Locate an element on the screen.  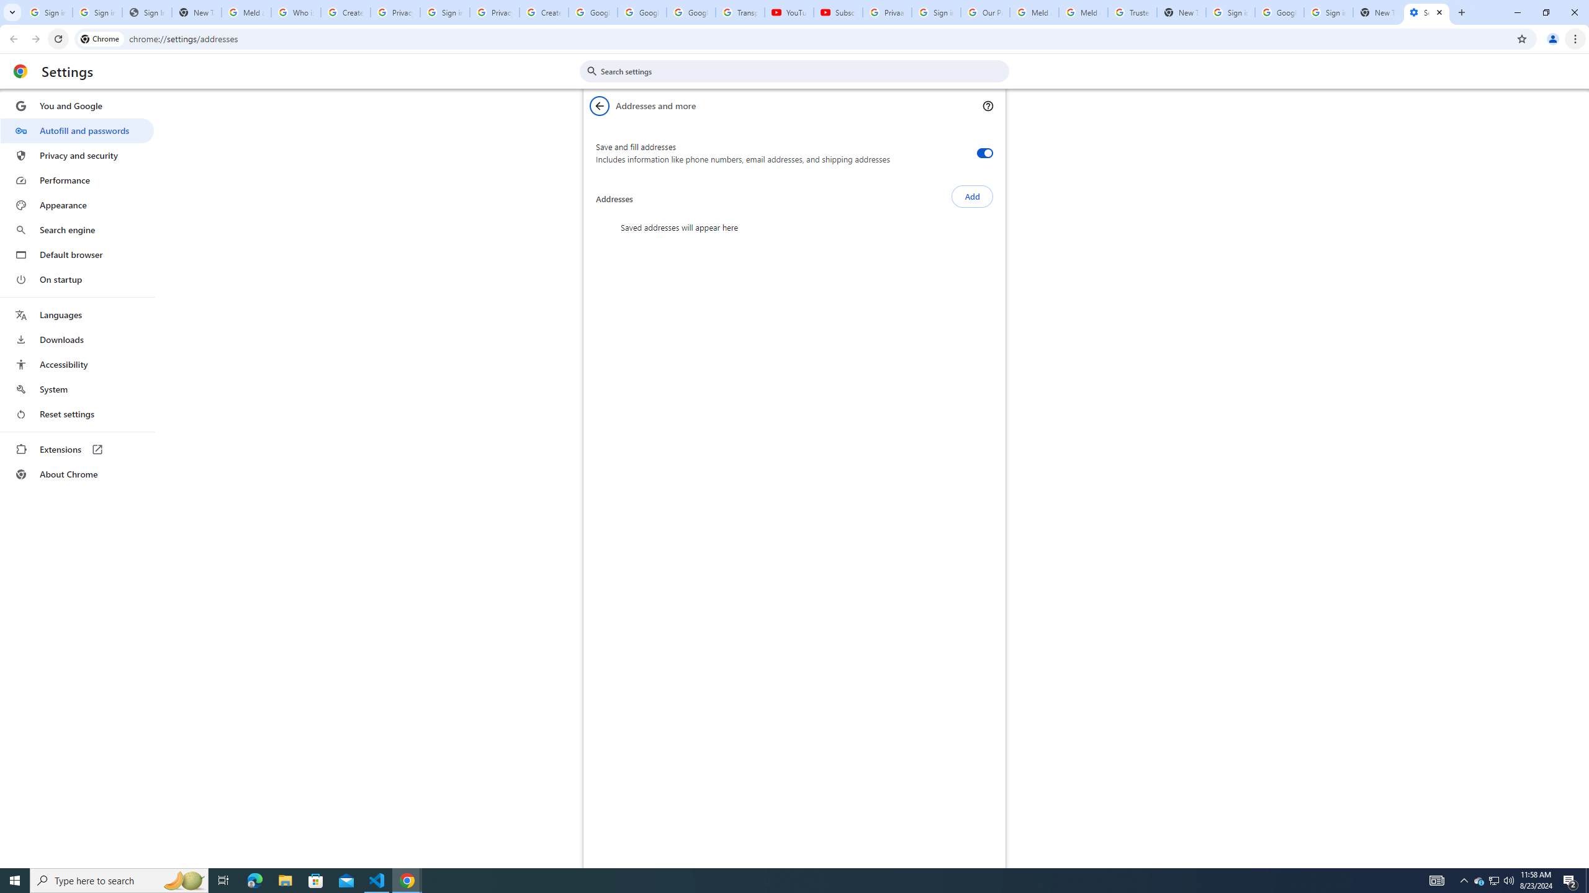
'Autofill and passwords' is located at coordinates (76, 130).